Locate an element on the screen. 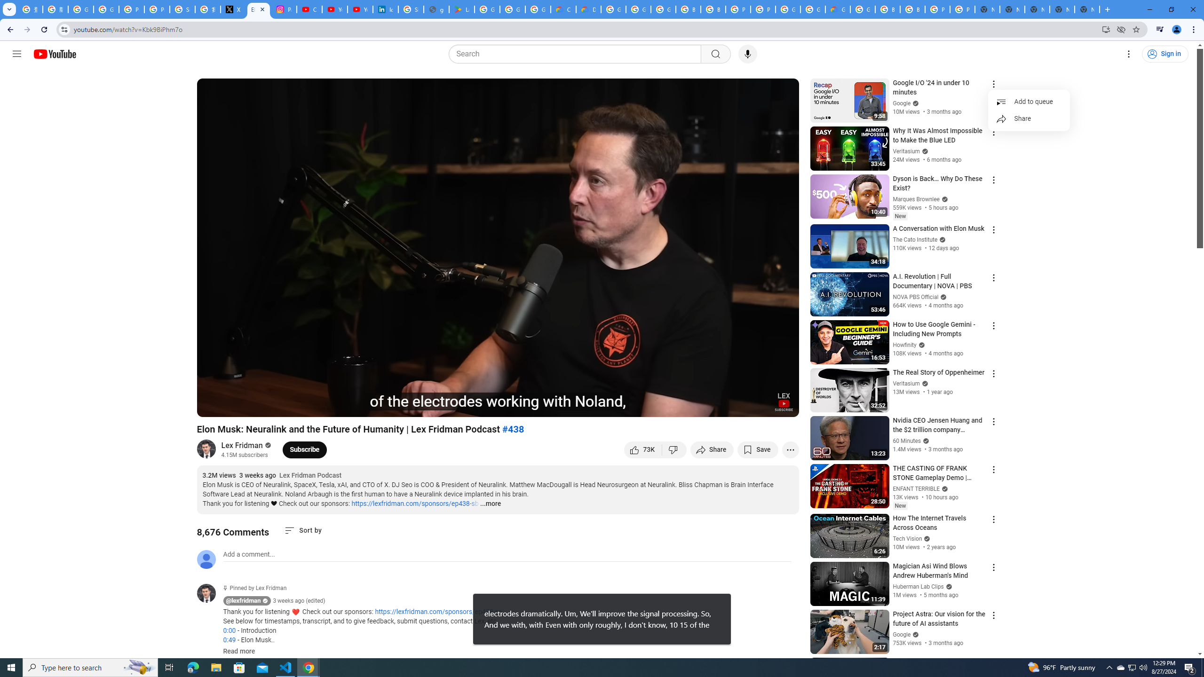  'like this video along with 73,133 other people' is located at coordinates (642, 449).